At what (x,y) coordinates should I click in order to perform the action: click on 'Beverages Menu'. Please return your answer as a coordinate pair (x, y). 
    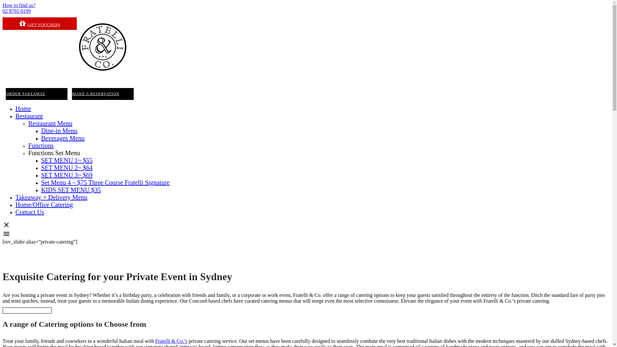
    Looking at the image, I should click on (63, 138).